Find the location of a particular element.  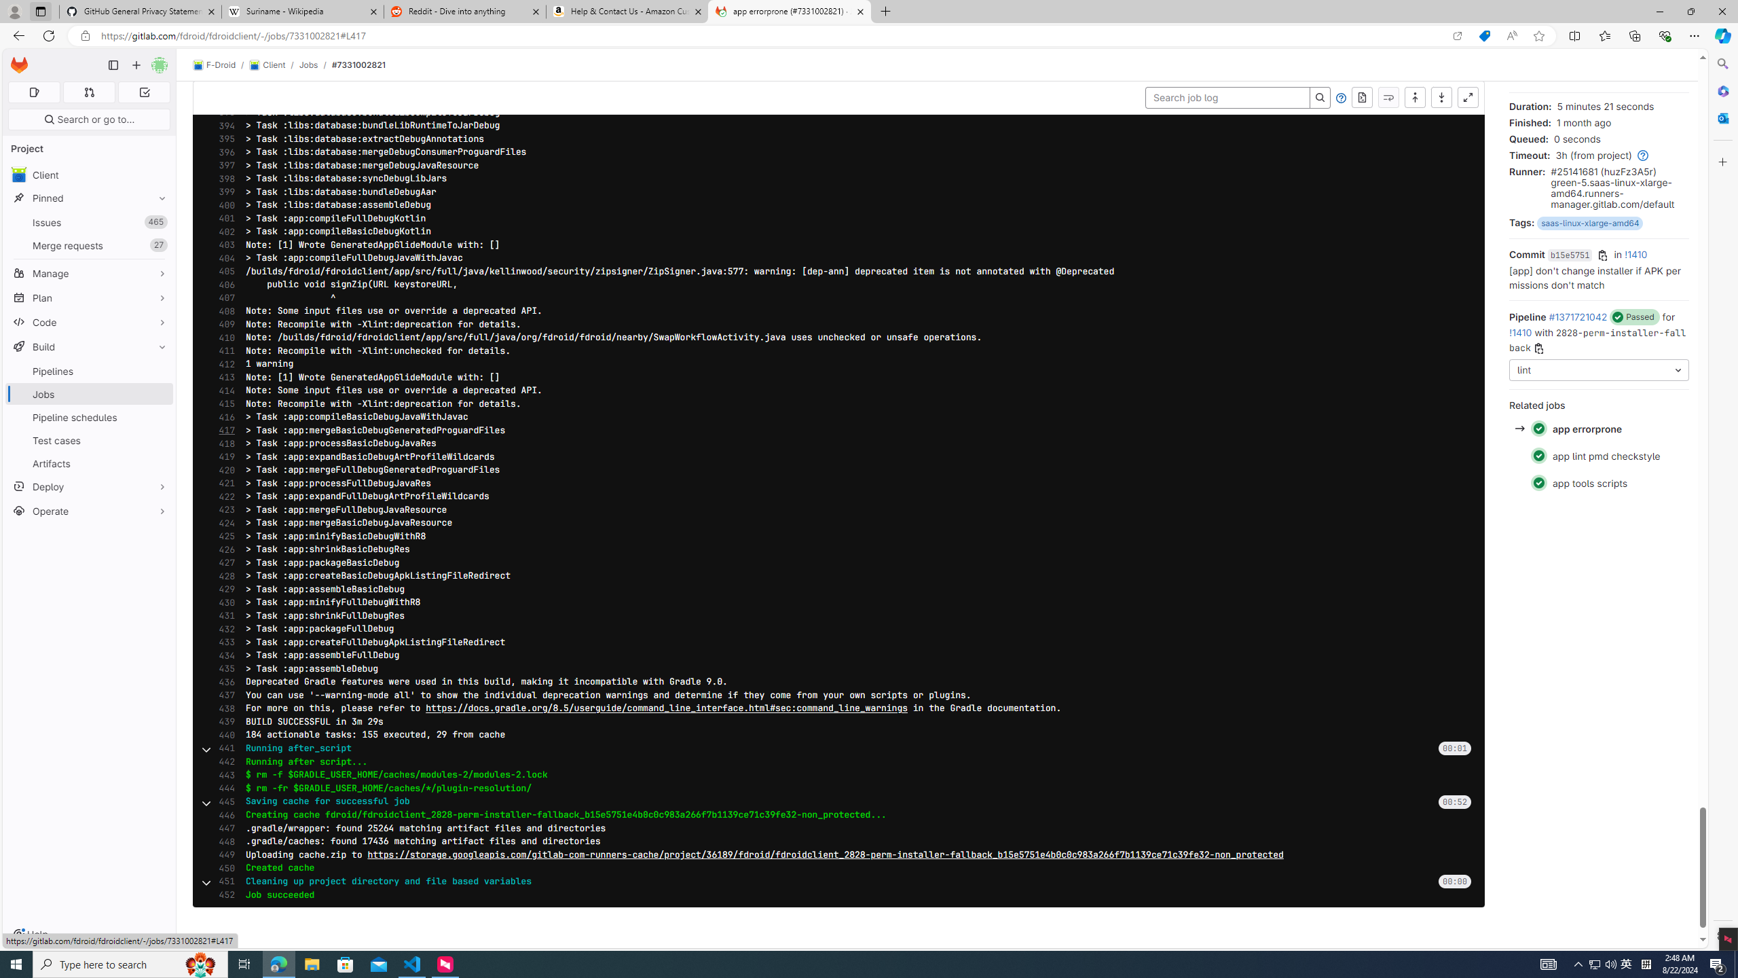

'Pin Pipelines' is located at coordinates (158, 370).